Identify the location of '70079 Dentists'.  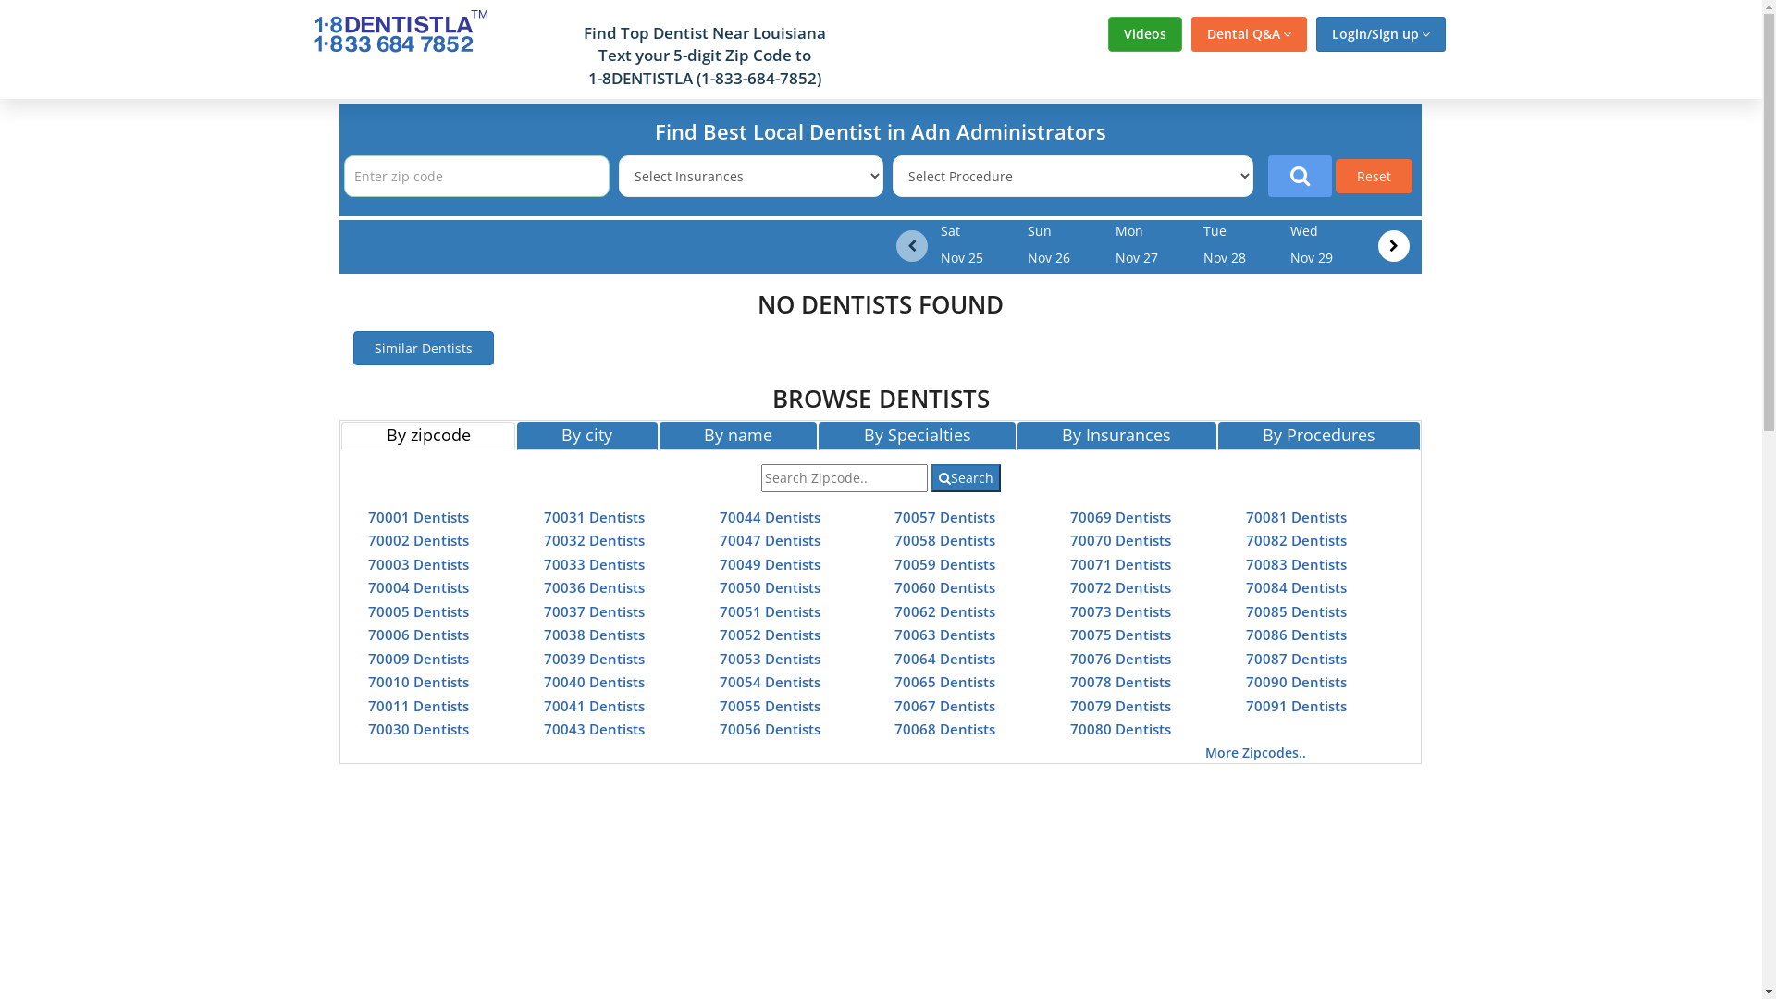
(1069, 705).